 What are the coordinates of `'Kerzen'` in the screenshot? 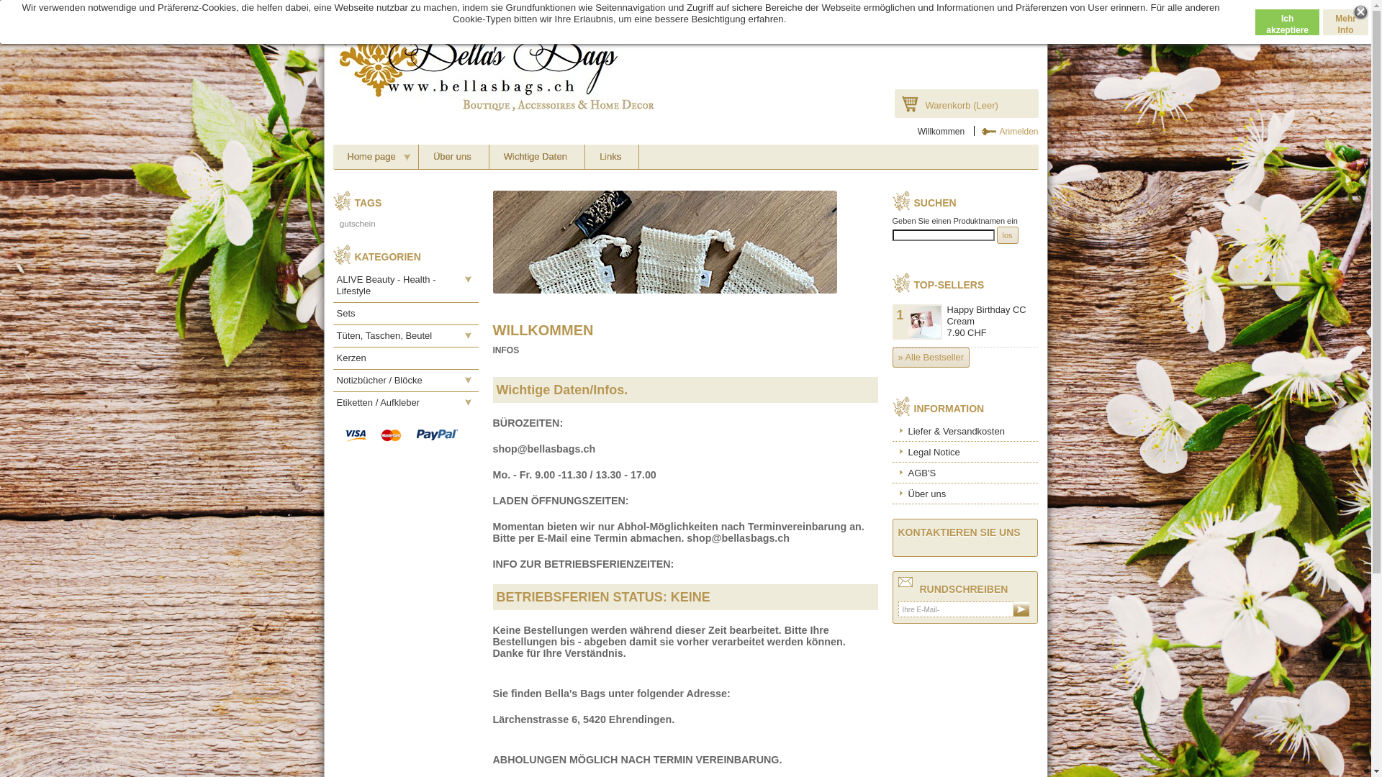 It's located at (404, 357).